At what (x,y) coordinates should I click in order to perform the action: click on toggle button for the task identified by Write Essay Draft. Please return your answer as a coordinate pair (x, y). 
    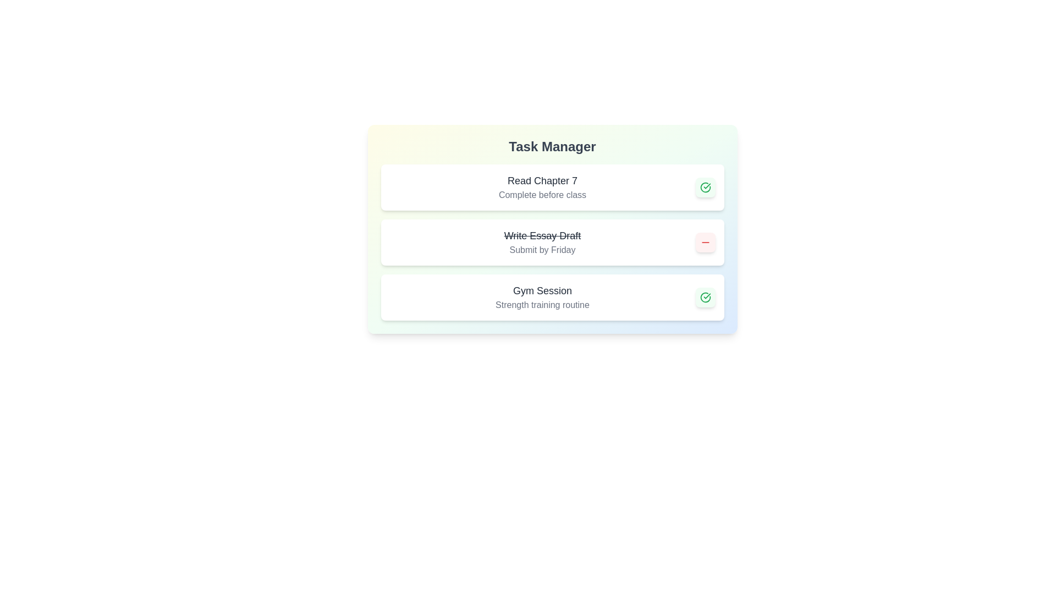
    Looking at the image, I should click on (705, 241).